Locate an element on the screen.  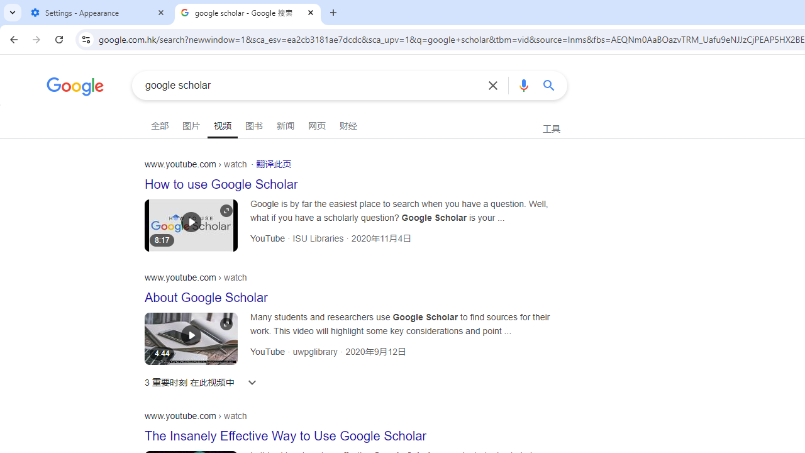
'Settings - Appearance' is located at coordinates (97, 13).